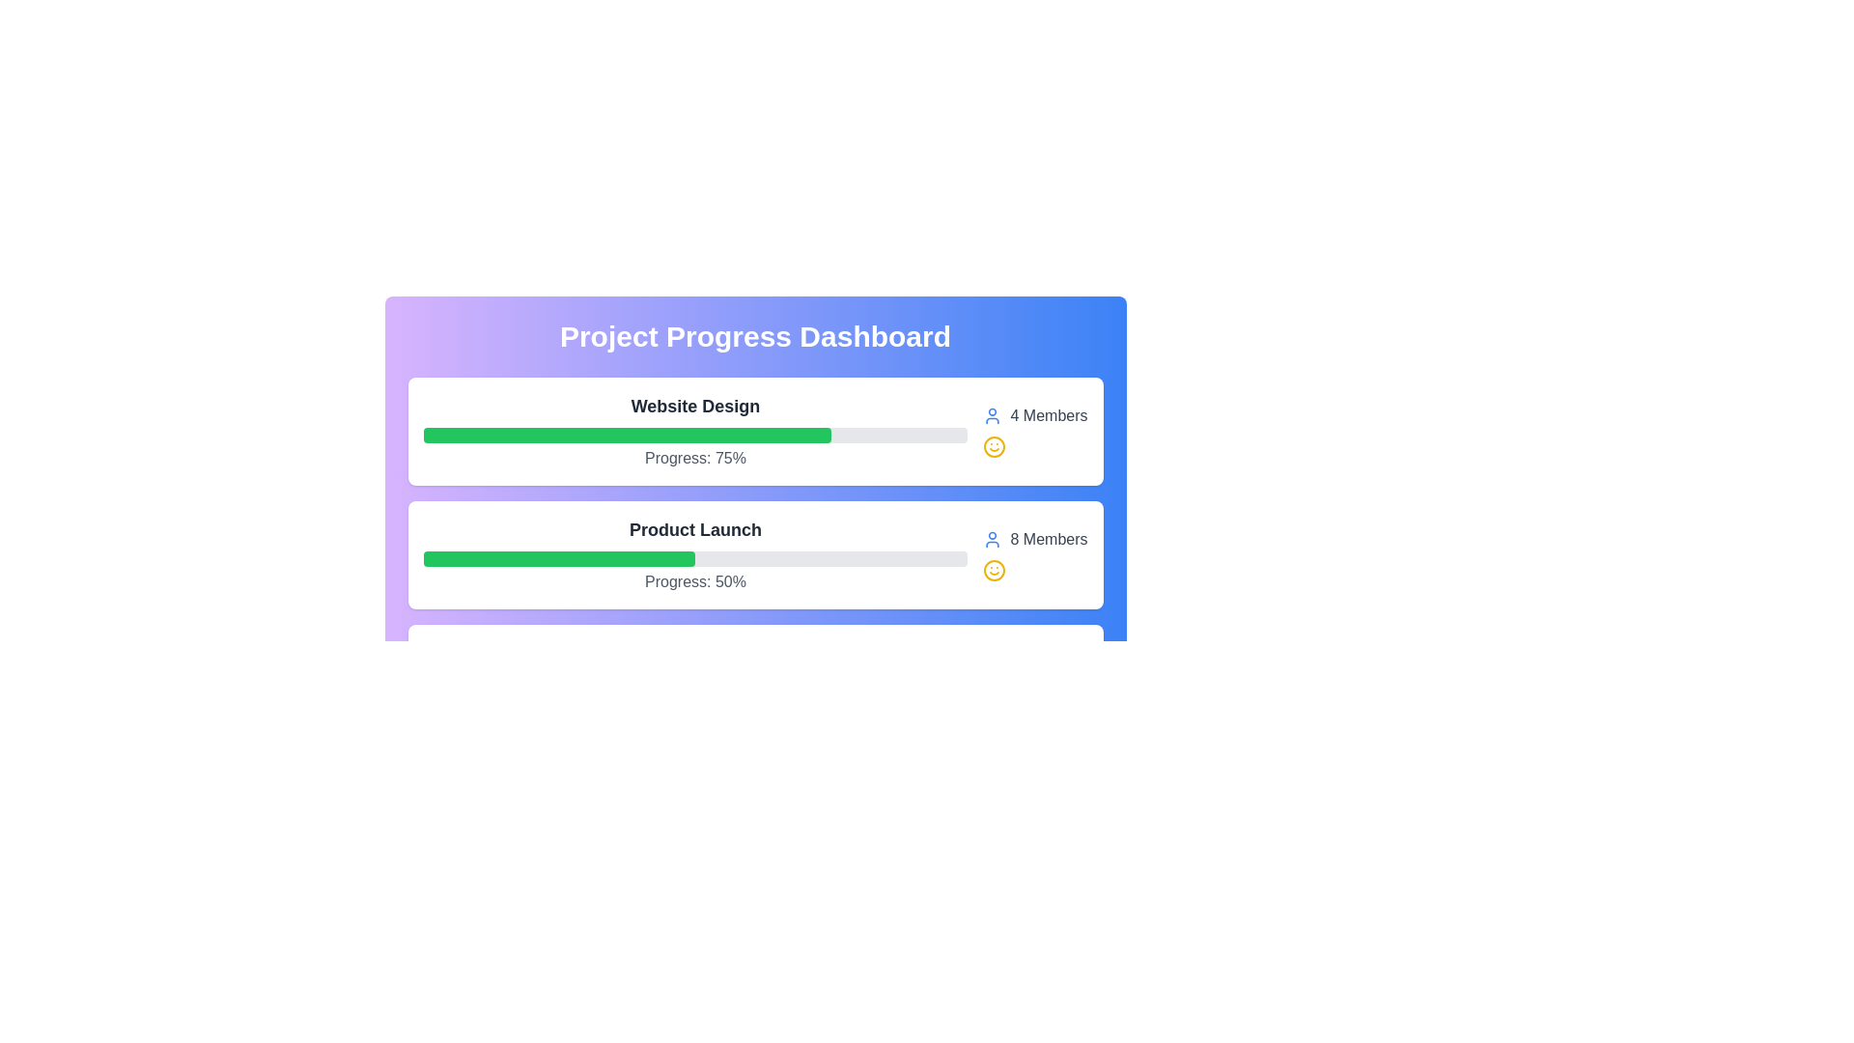 The height and width of the screenshot is (1043, 1854). I want to click on the individual project cards on the Project Progress Dashboard, which is visually identified by its purple-to-blue gradient background and centered title 'Project Progress Dashboard', so click(754, 525).